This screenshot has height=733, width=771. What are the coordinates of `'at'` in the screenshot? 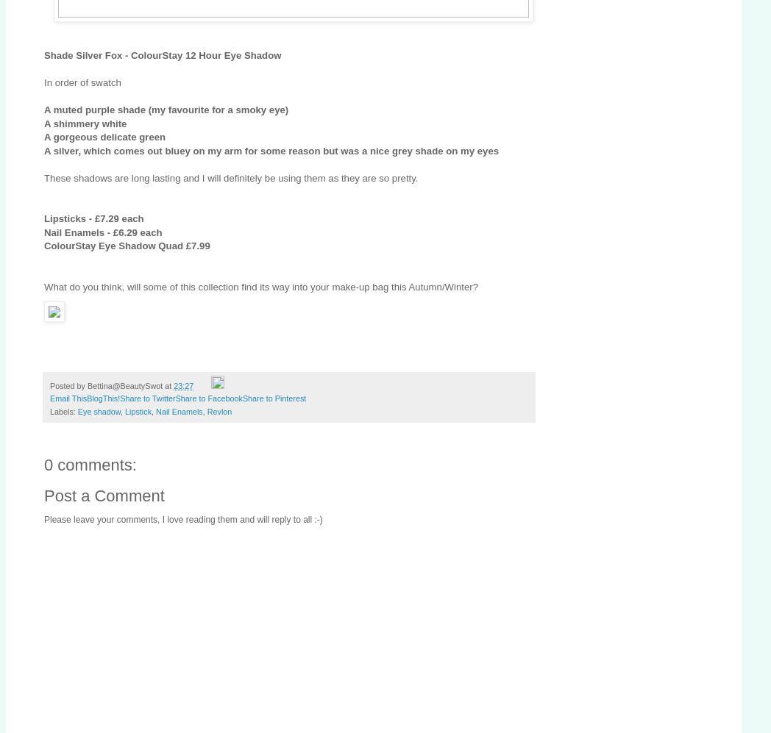 It's located at (169, 385).